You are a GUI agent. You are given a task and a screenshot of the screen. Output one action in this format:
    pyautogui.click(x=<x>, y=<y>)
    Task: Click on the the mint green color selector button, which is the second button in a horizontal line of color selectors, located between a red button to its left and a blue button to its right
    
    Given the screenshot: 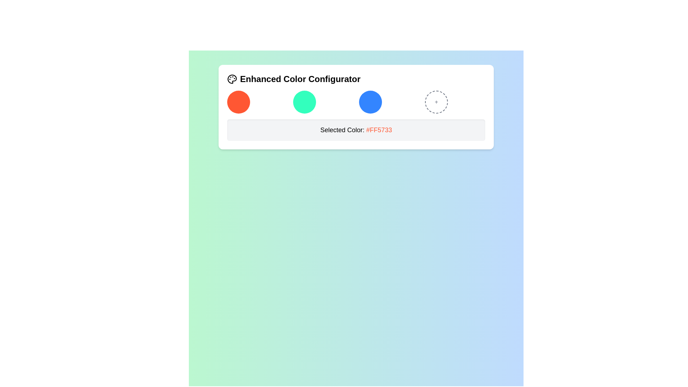 What is the action you would take?
    pyautogui.click(x=323, y=102)
    